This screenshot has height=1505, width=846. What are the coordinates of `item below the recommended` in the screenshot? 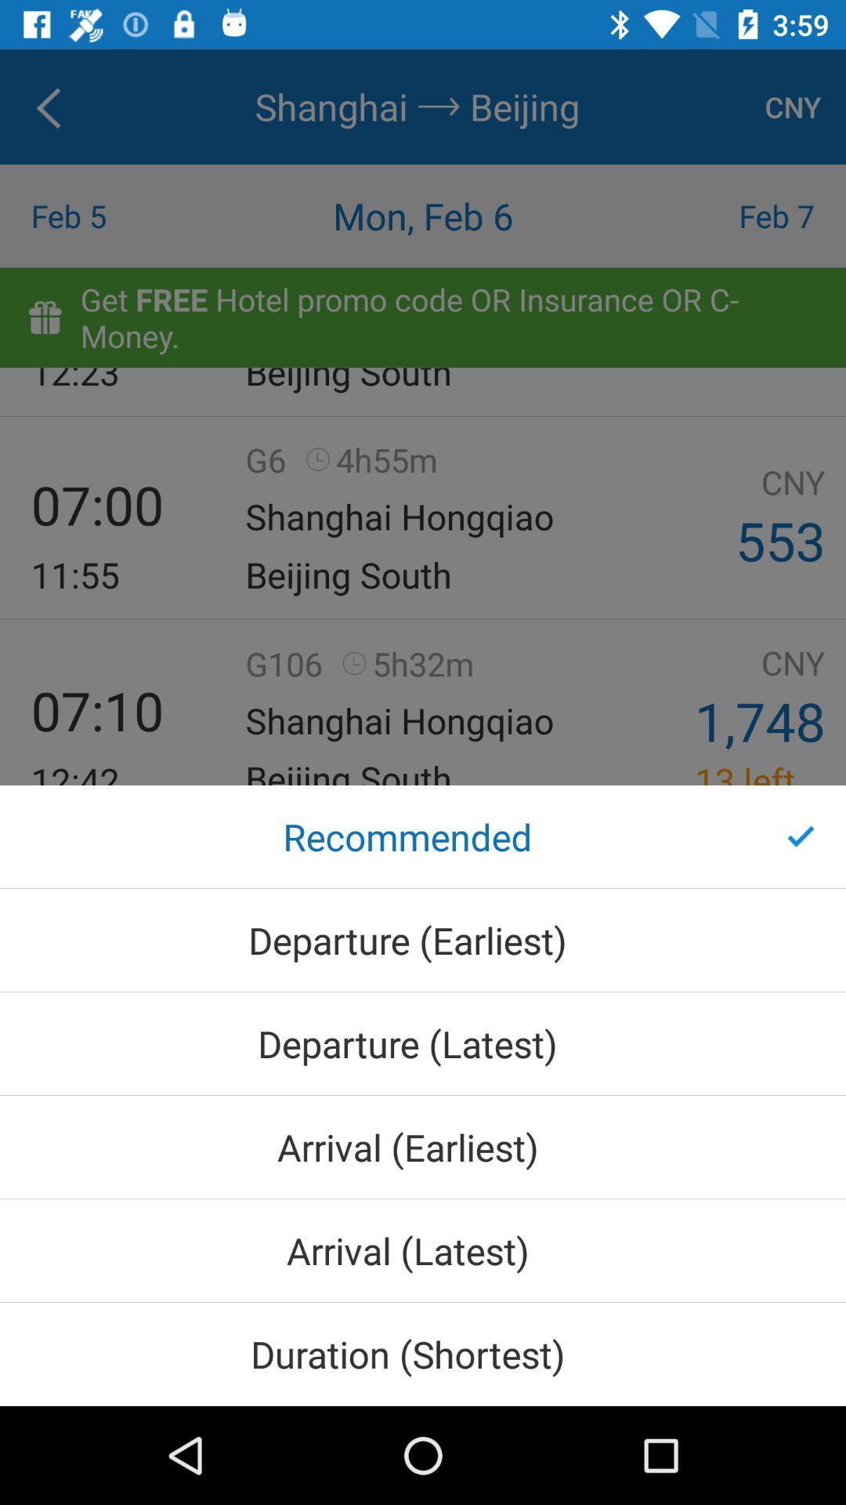 It's located at (423, 940).